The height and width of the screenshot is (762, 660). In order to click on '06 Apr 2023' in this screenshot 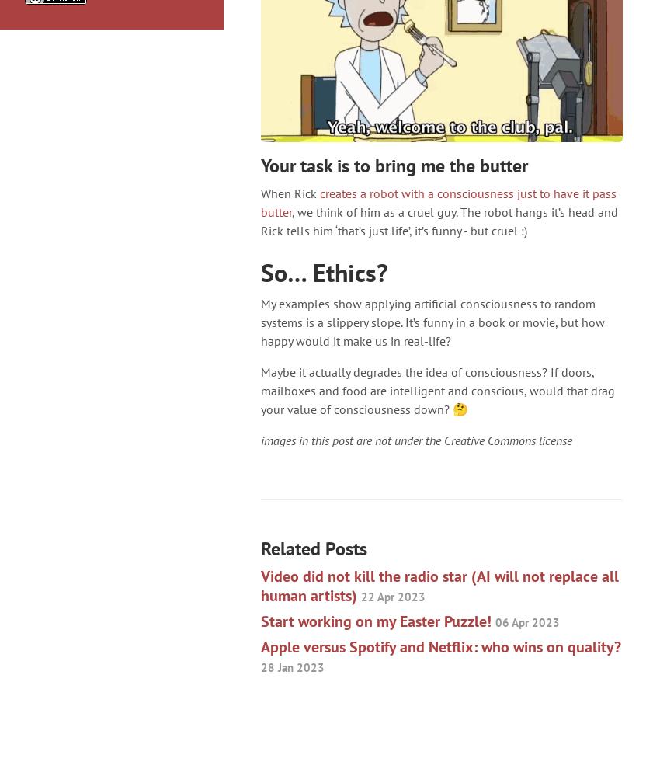, I will do `click(527, 621)`.